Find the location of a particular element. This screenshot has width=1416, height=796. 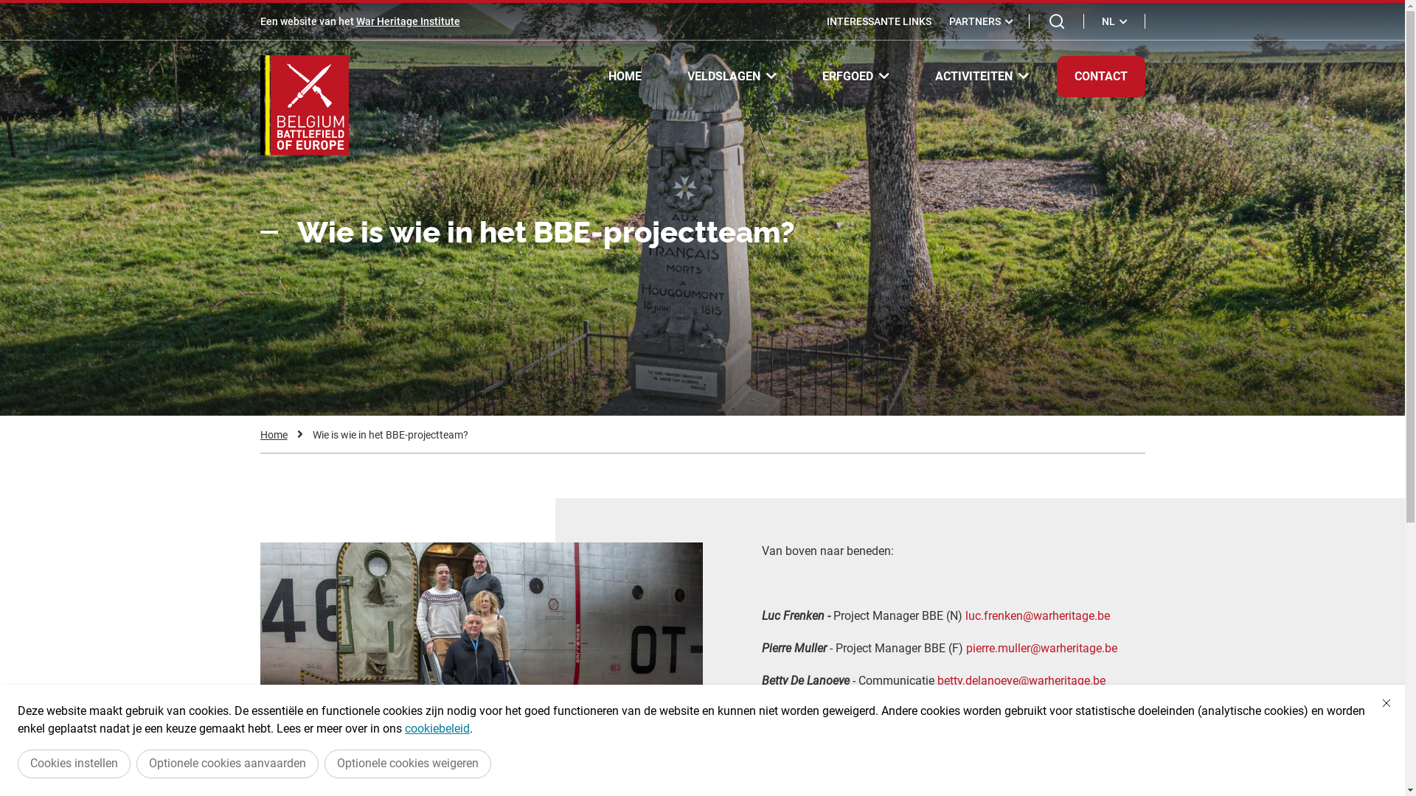

'INTERESSANTE LINKS' is located at coordinates (878, 21).